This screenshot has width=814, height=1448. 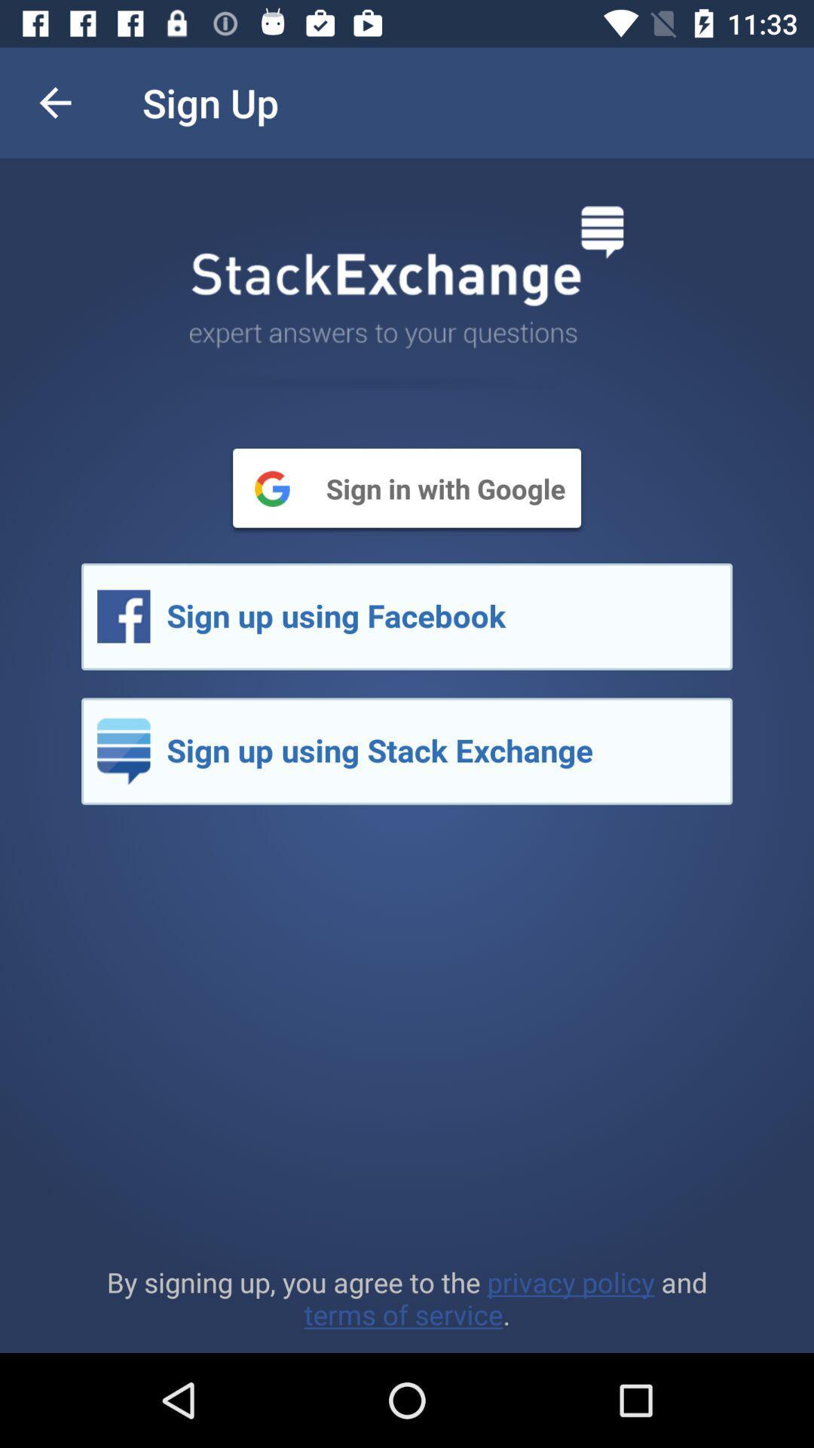 What do you see at coordinates (407, 751) in the screenshot?
I see `sign up using stack exchange` at bounding box center [407, 751].